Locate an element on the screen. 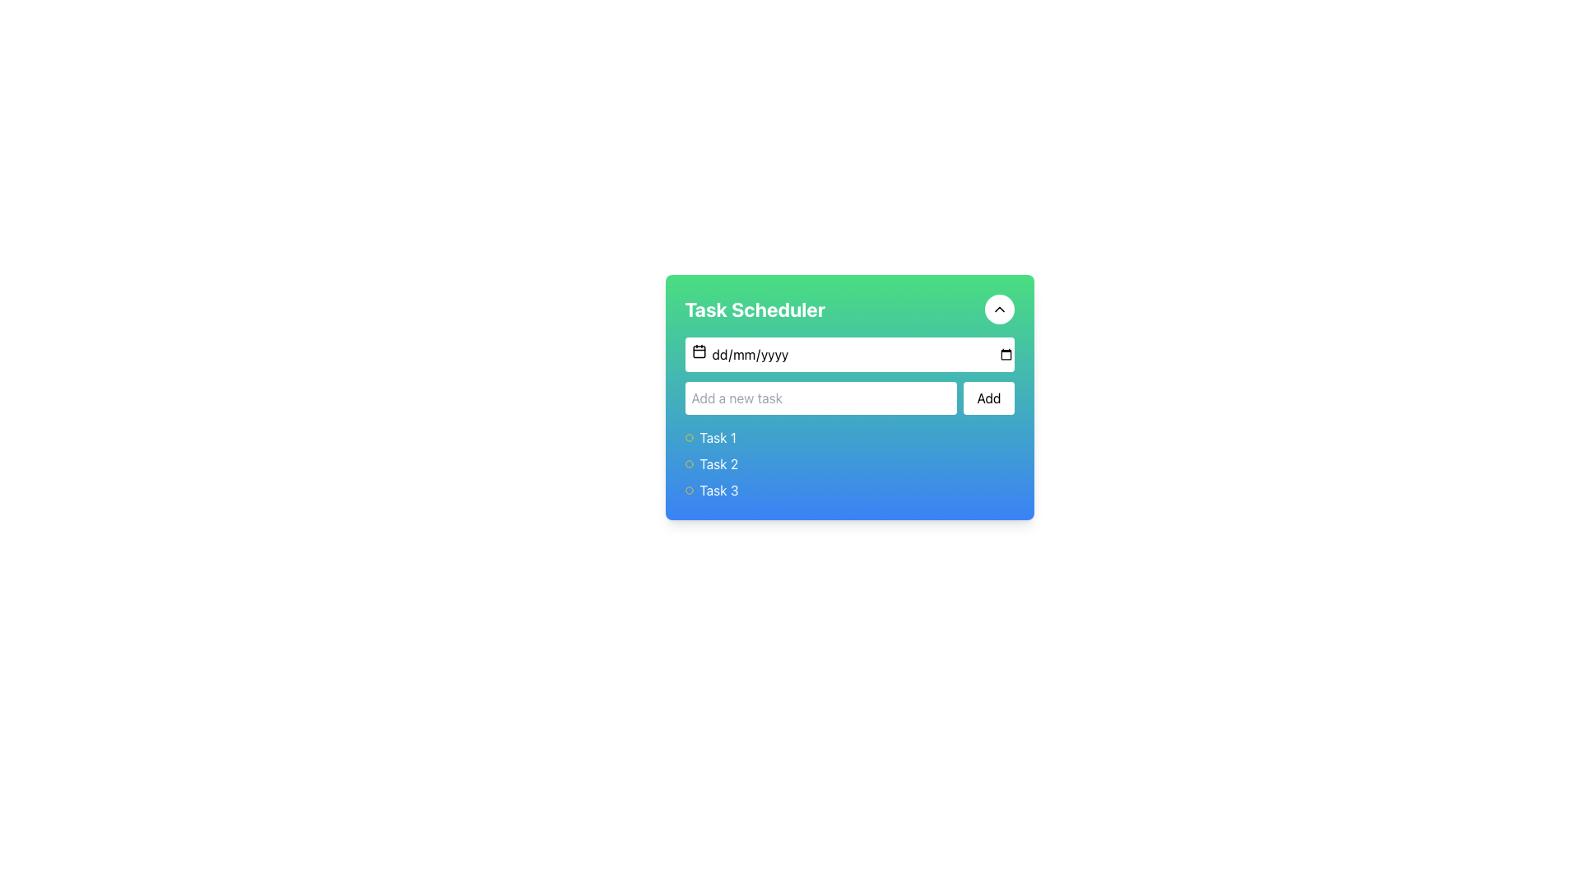 This screenshot has width=1580, height=889. the static text label representing the second task in the task list, located below the 'Task Scheduler' header is located at coordinates (718, 463).